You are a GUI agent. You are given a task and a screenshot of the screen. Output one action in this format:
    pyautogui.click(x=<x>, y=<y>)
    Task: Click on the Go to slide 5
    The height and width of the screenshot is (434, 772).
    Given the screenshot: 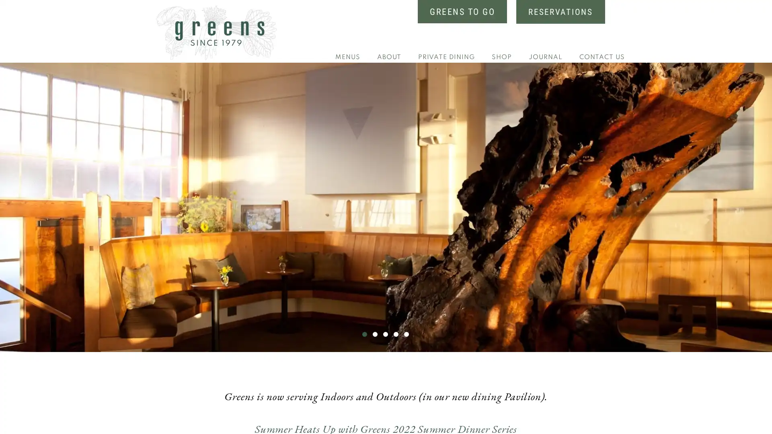 What is the action you would take?
    pyautogui.click(x=407, y=334)
    